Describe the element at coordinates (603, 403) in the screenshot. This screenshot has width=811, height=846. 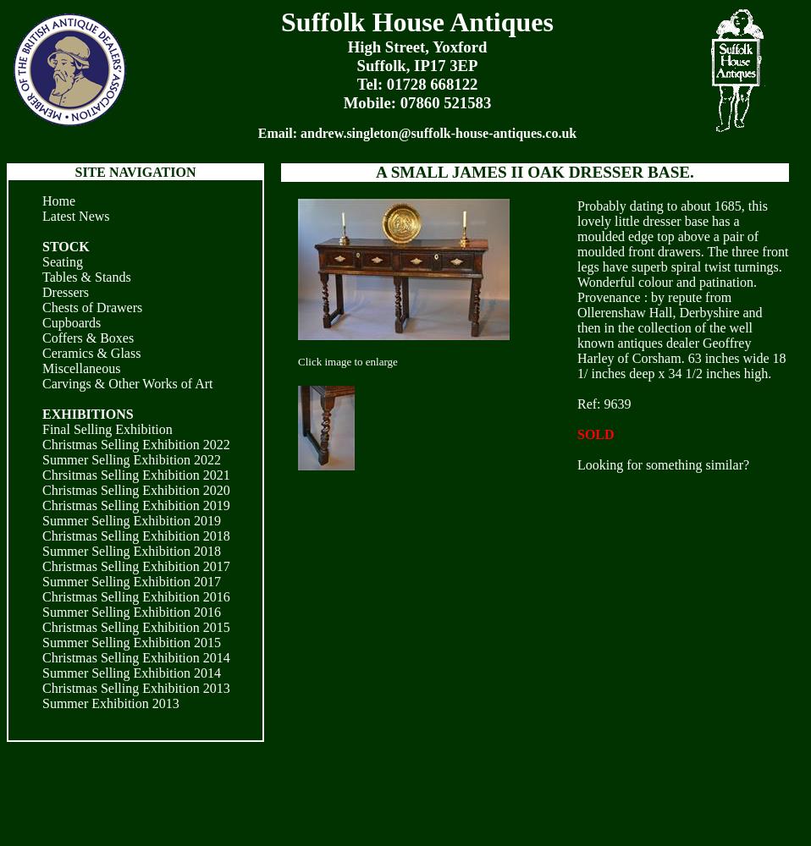
I see `'Ref: 9639'` at that location.